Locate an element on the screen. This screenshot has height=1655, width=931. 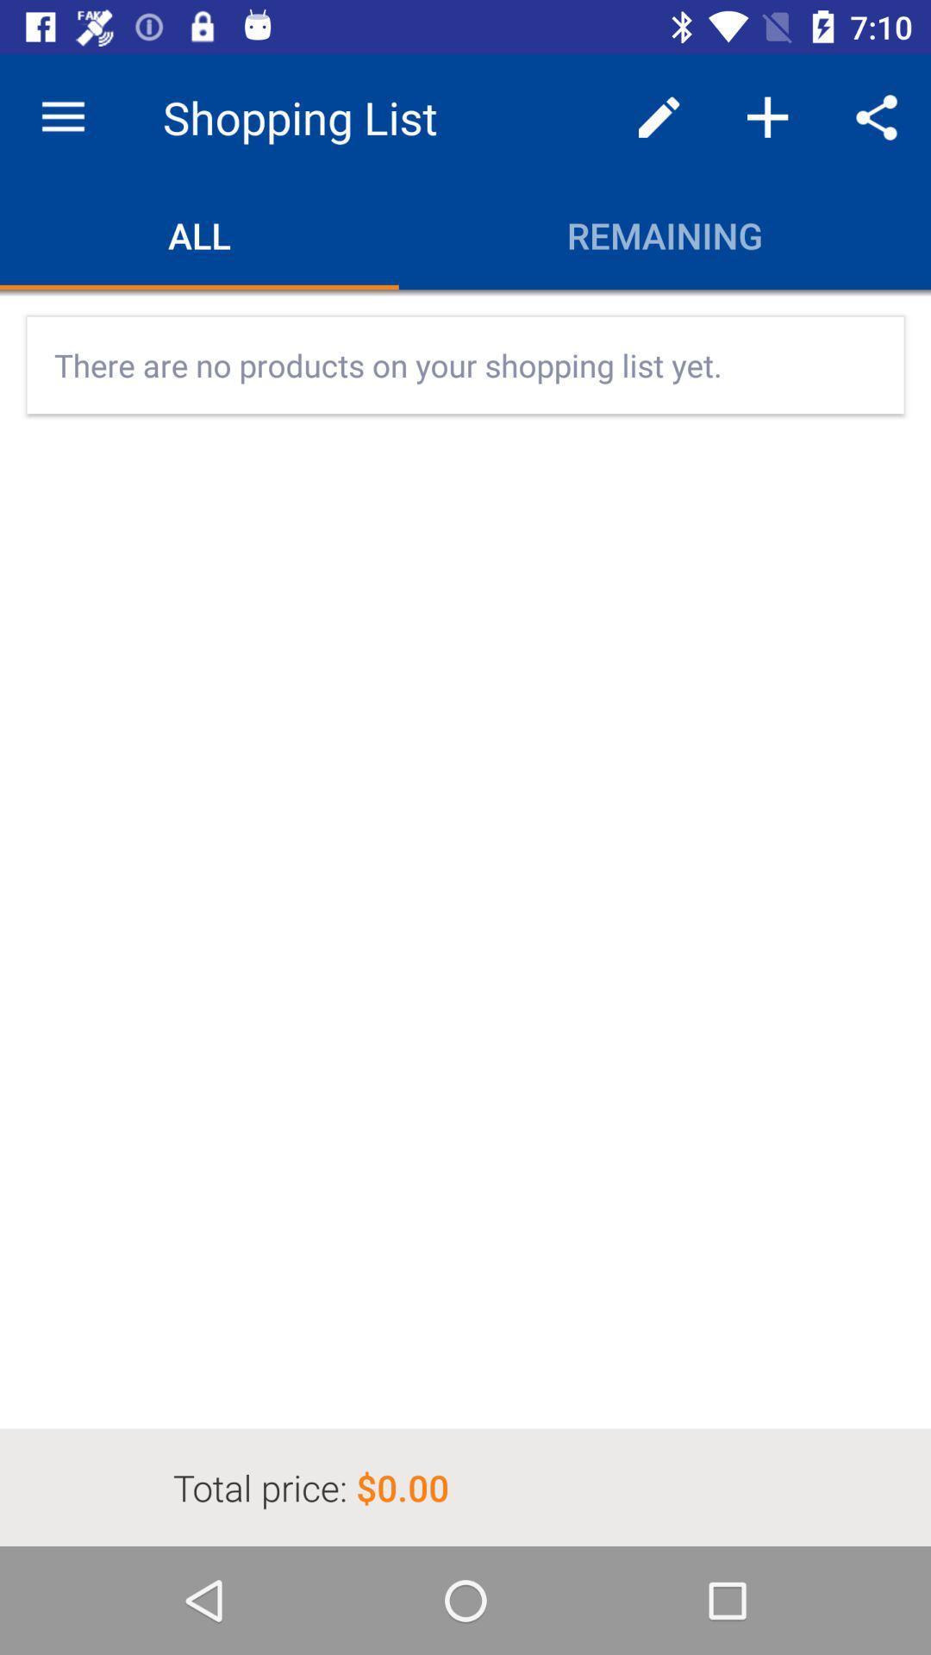
item above the remaining icon is located at coordinates (659, 116).